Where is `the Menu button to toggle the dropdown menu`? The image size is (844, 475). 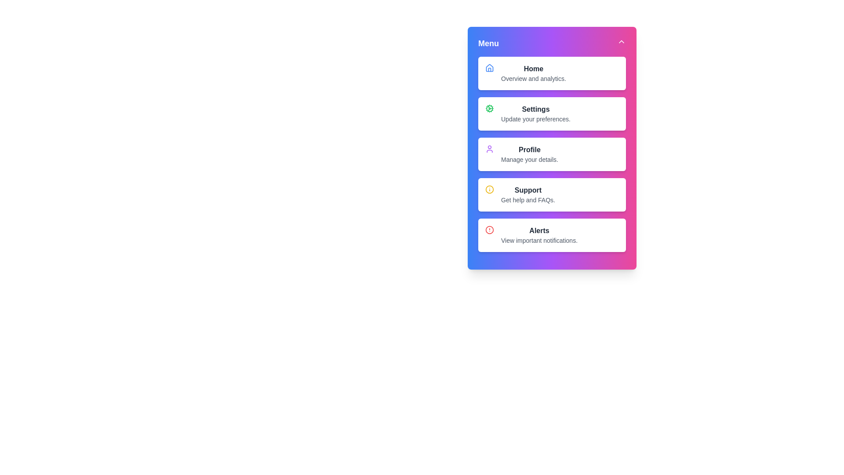 the Menu button to toggle the dropdown menu is located at coordinates (552, 44).